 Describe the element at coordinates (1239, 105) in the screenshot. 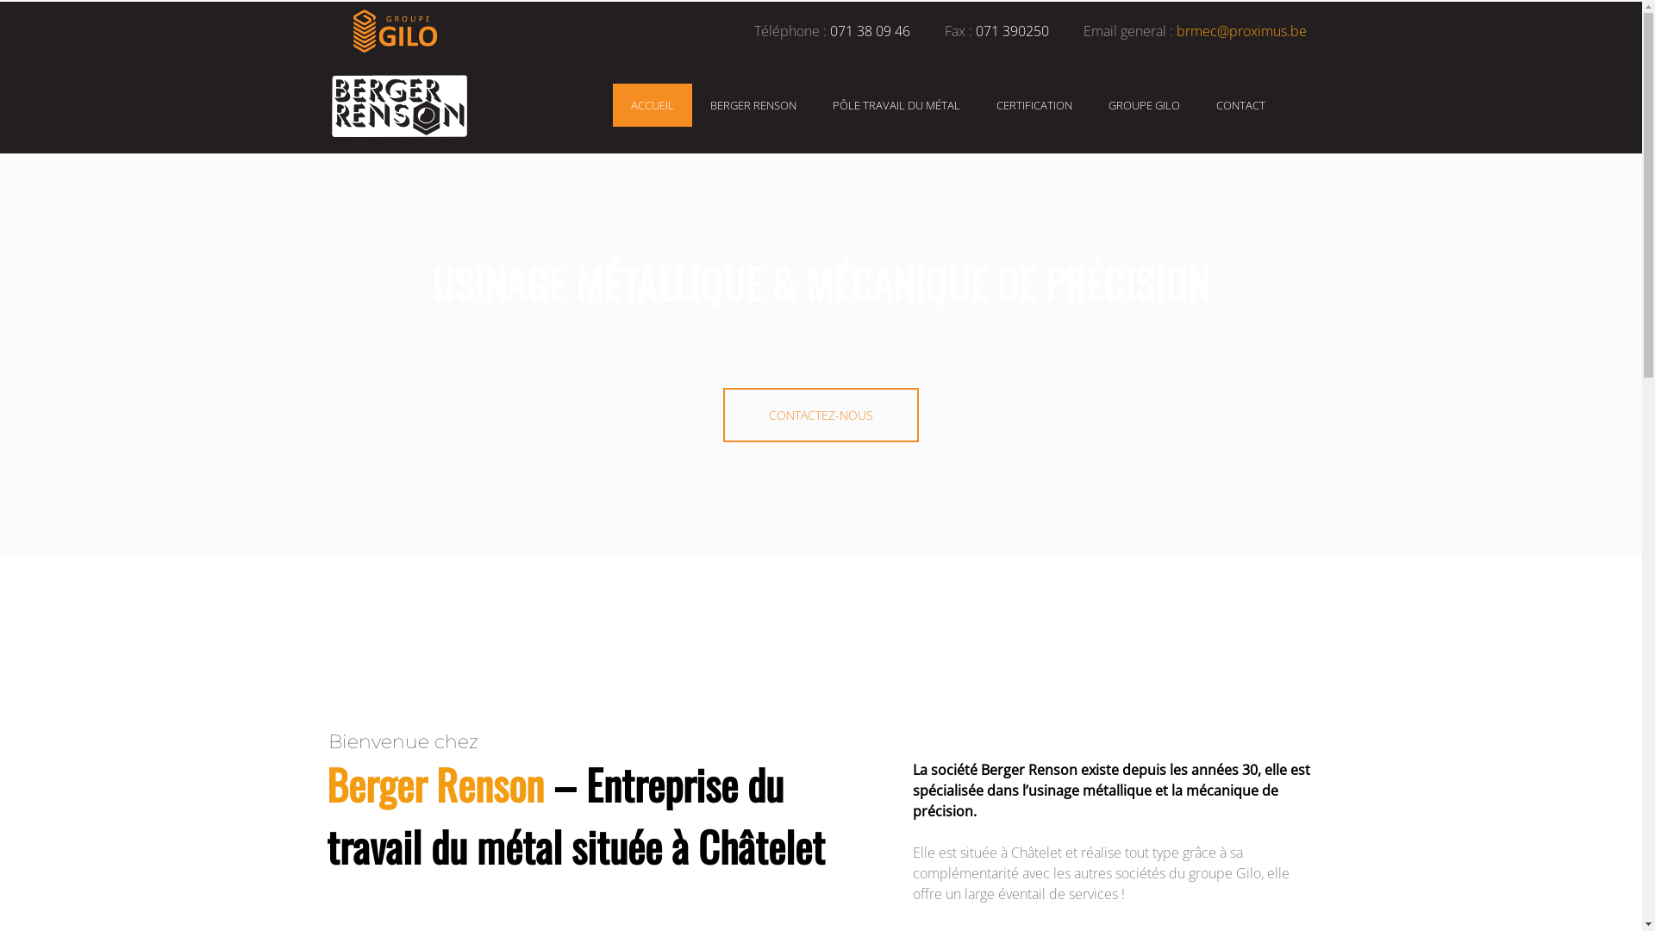

I see `'CONTACT'` at that location.